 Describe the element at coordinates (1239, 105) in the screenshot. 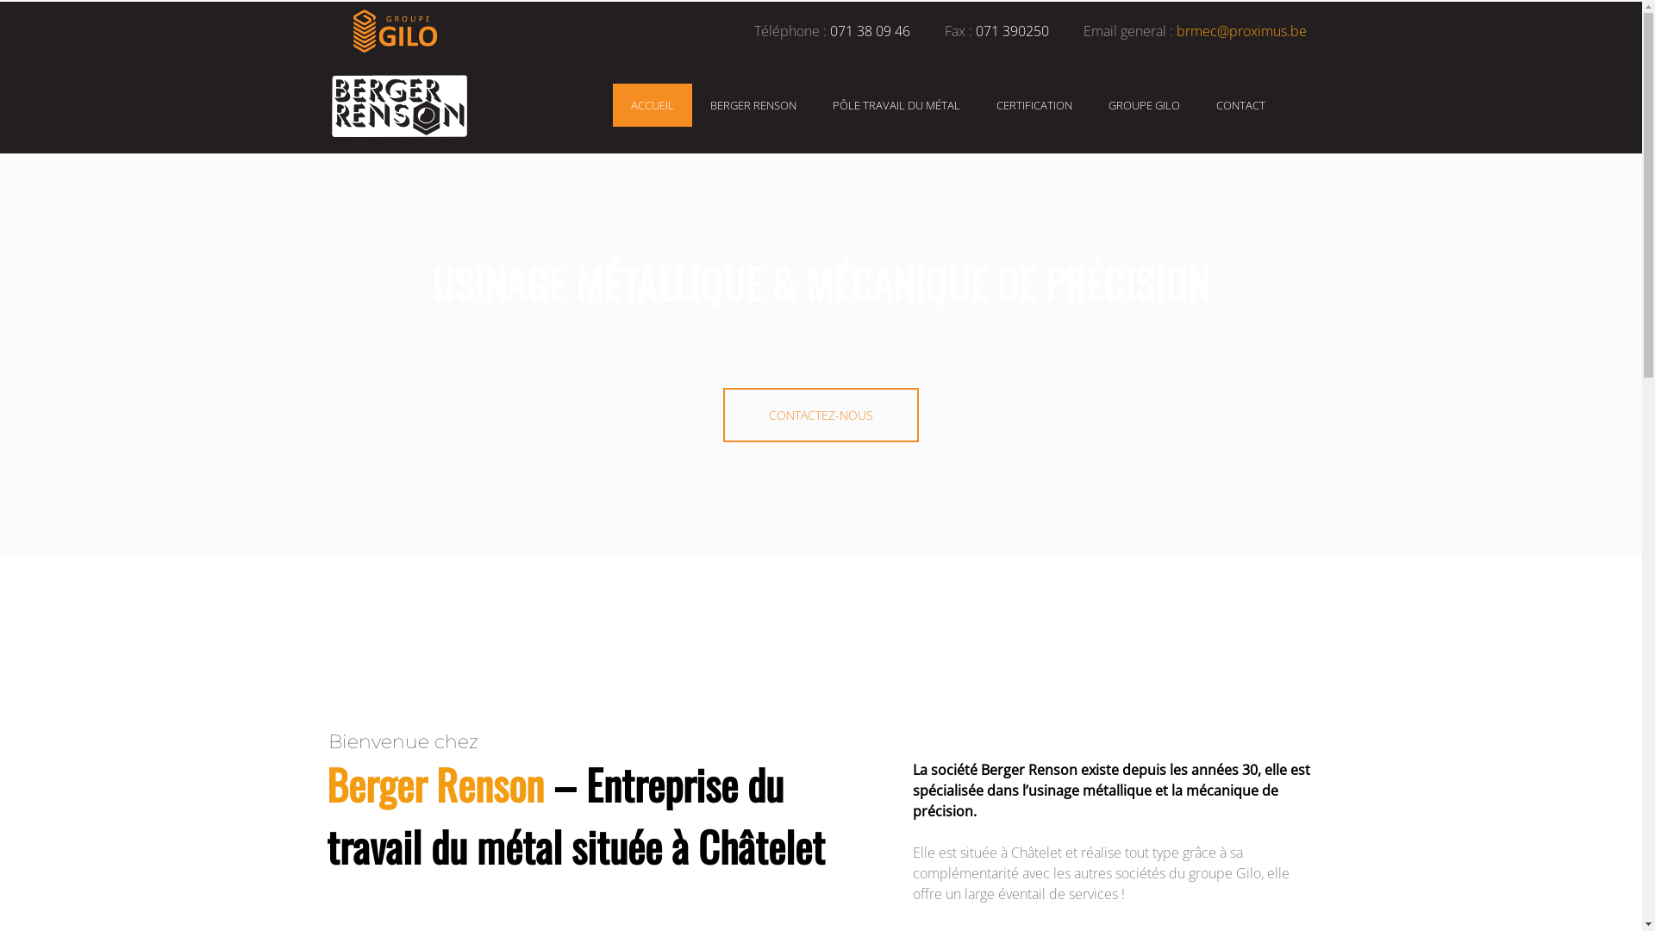

I see `'CONTACT'` at that location.